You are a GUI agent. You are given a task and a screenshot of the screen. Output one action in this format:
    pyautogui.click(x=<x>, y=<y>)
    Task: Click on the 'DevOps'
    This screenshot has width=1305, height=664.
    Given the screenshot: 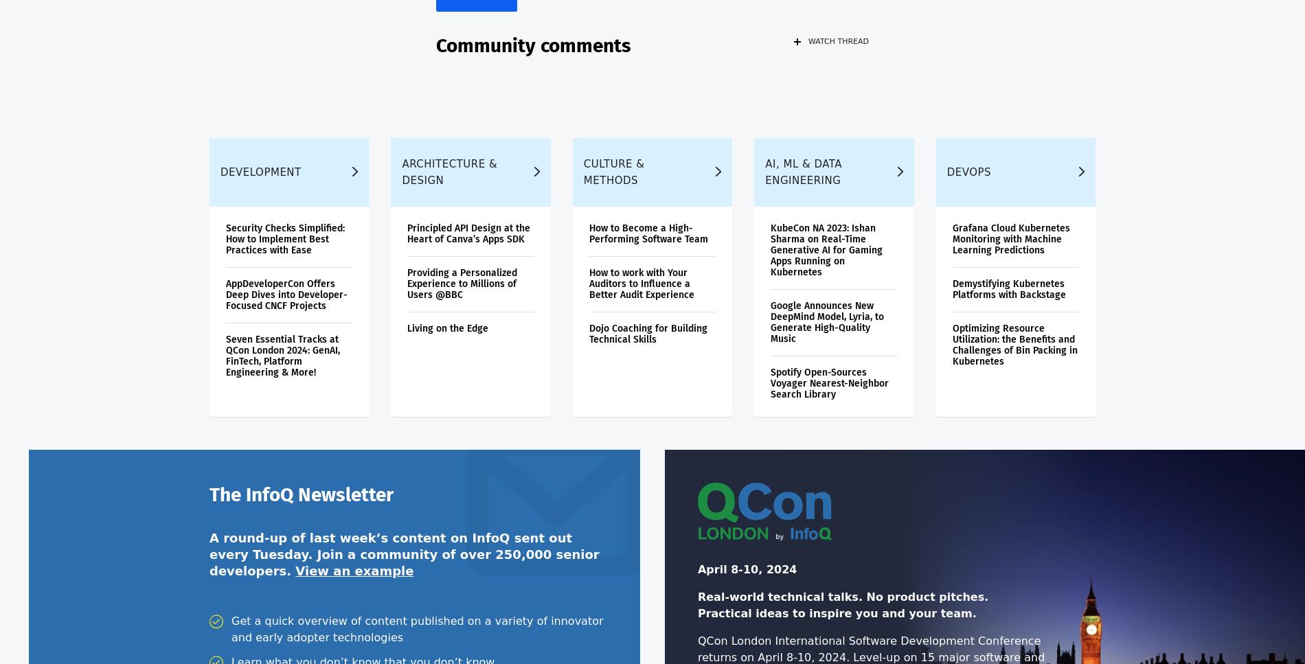 What is the action you would take?
    pyautogui.click(x=968, y=180)
    